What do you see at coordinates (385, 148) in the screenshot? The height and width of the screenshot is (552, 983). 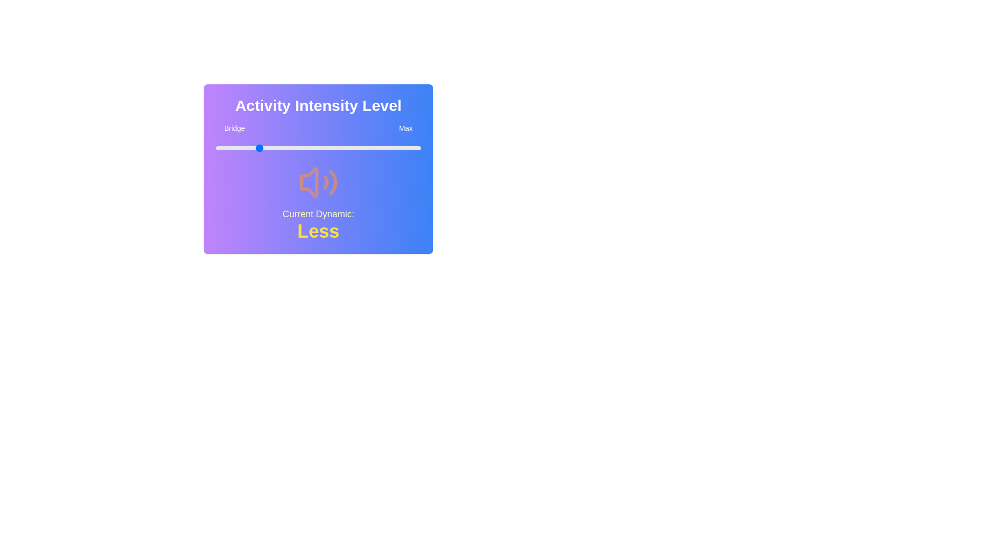 I see `the slider to set the value to 83` at bounding box center [385, 148].